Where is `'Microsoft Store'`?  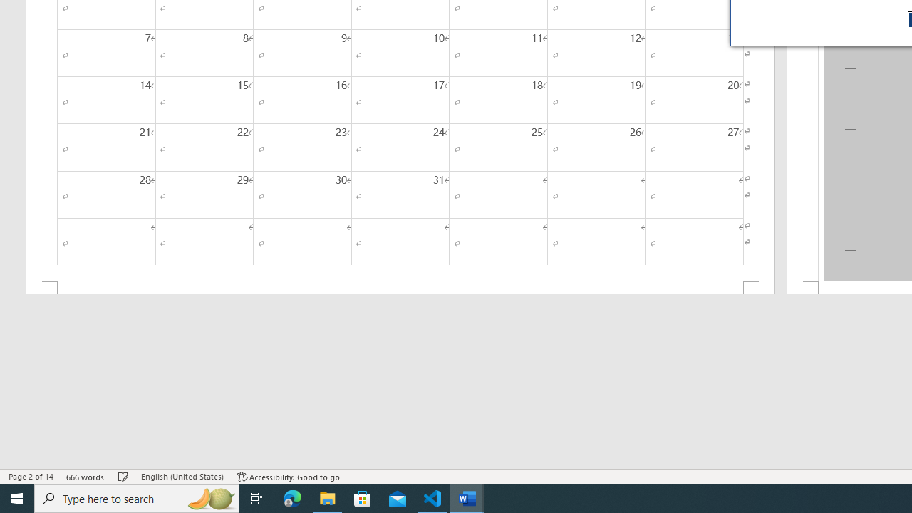 'Microsoft Store' is located at coordinates (363, 497).